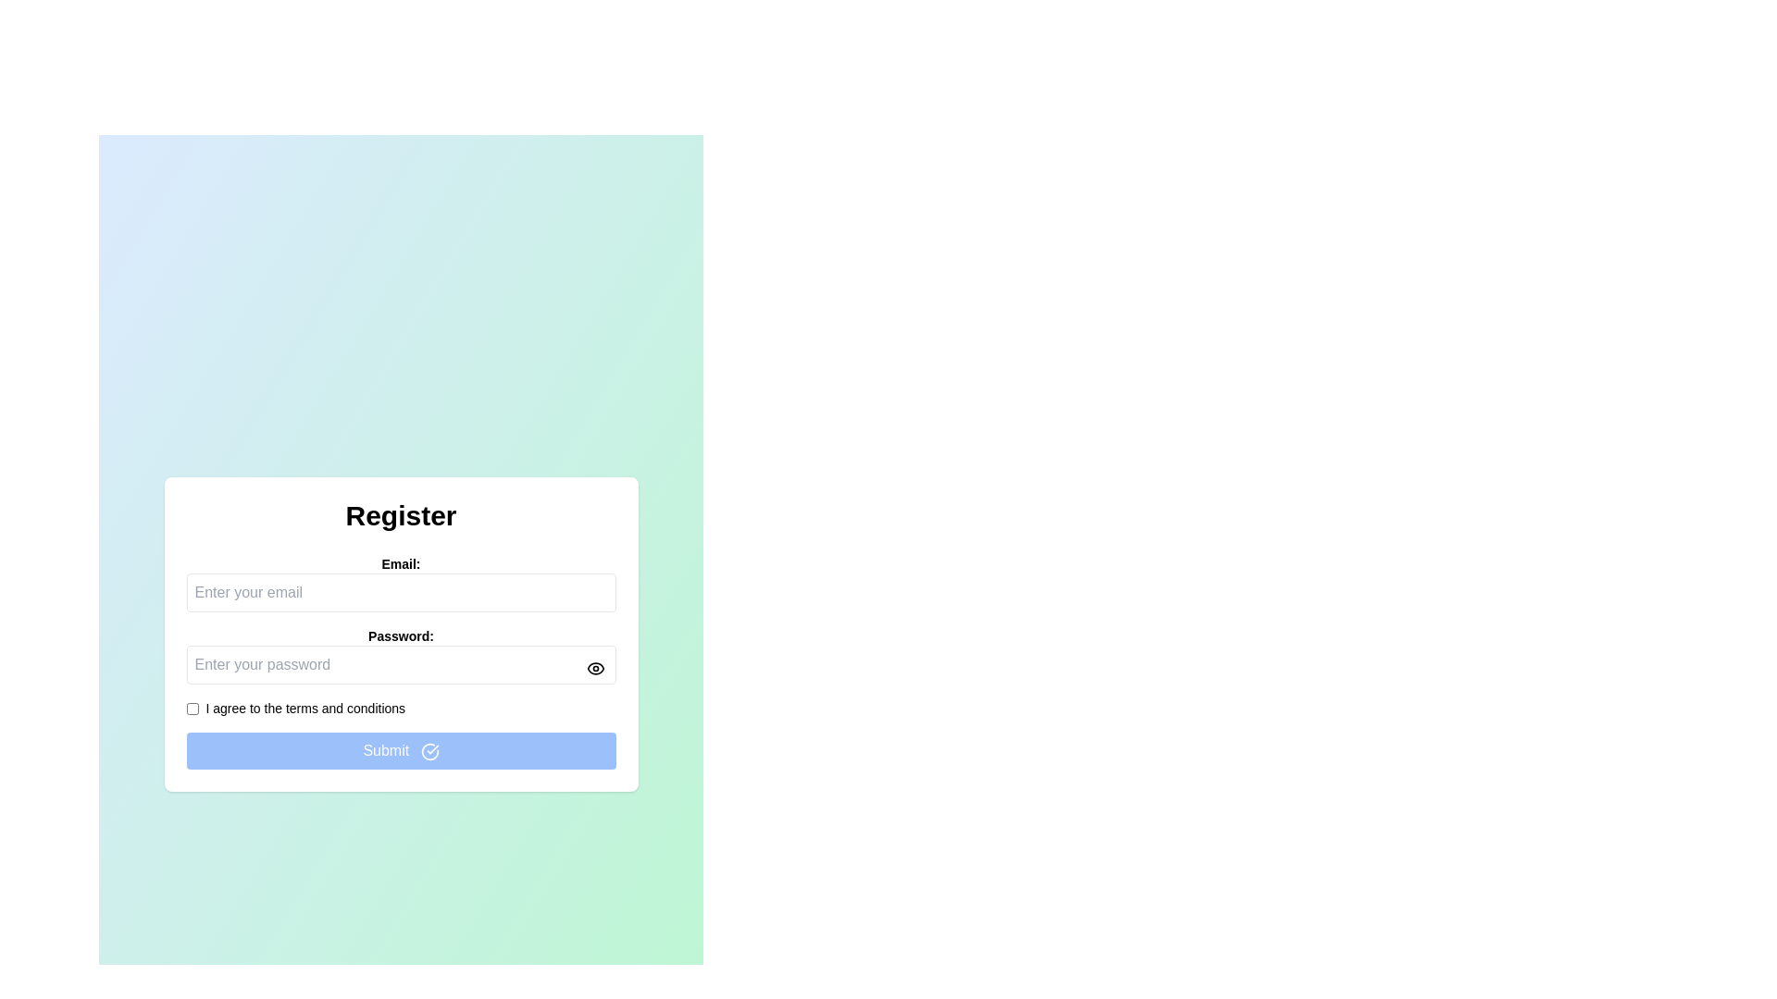  Describe the element at coordinates (400, 708) in the screenshot. I see `the checkbox located below the 'Password' input field and above the 'Submit' button` at that location.